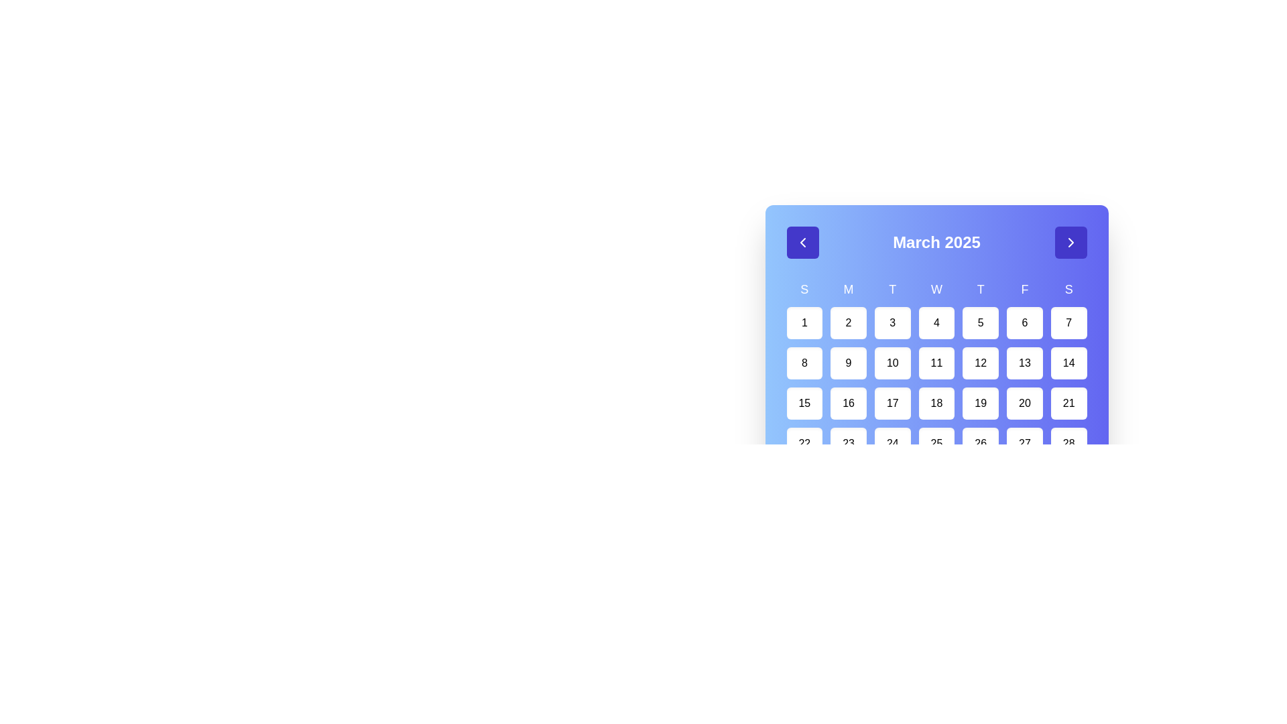  Describe the element at coordinates (1024, 444) in the screenshot. I see `the calendar button marked with '27' located in the Friday column, fourth row` at that location.